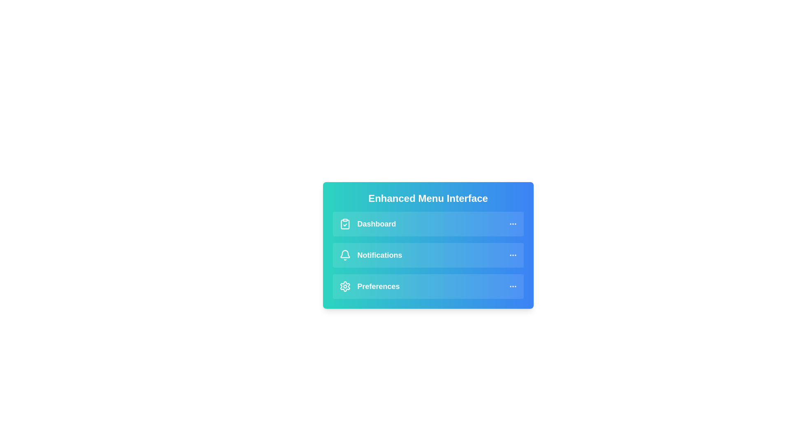 The image size is (790, 444). I want to click on the 'Notifications' menu item, which is the second item in the vertically stacked list within the 'Enhanced Menu Interface', so click(428, 255).